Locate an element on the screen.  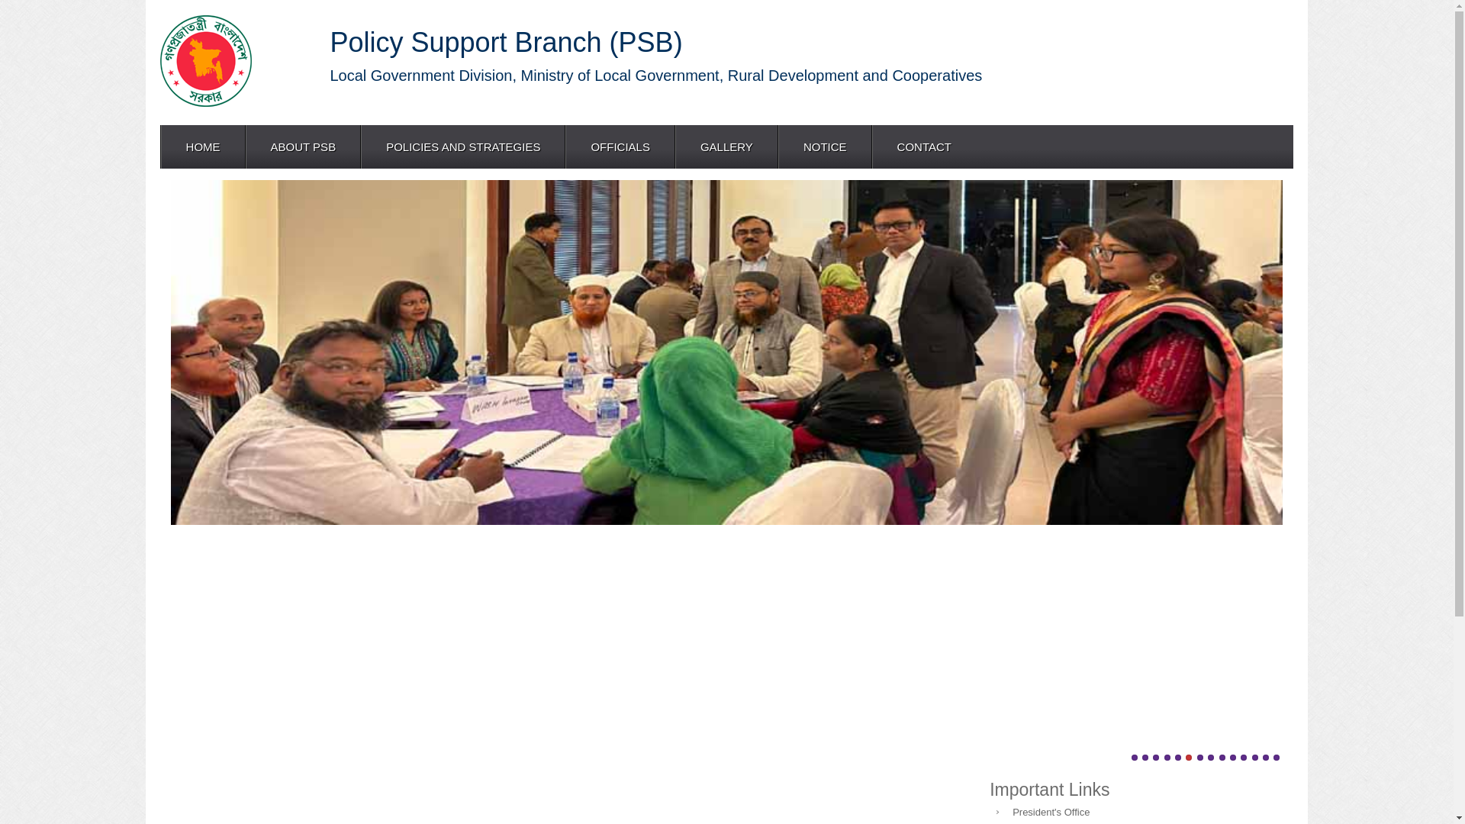
'ABOUT PSB' is located at coordinates (303, 146).